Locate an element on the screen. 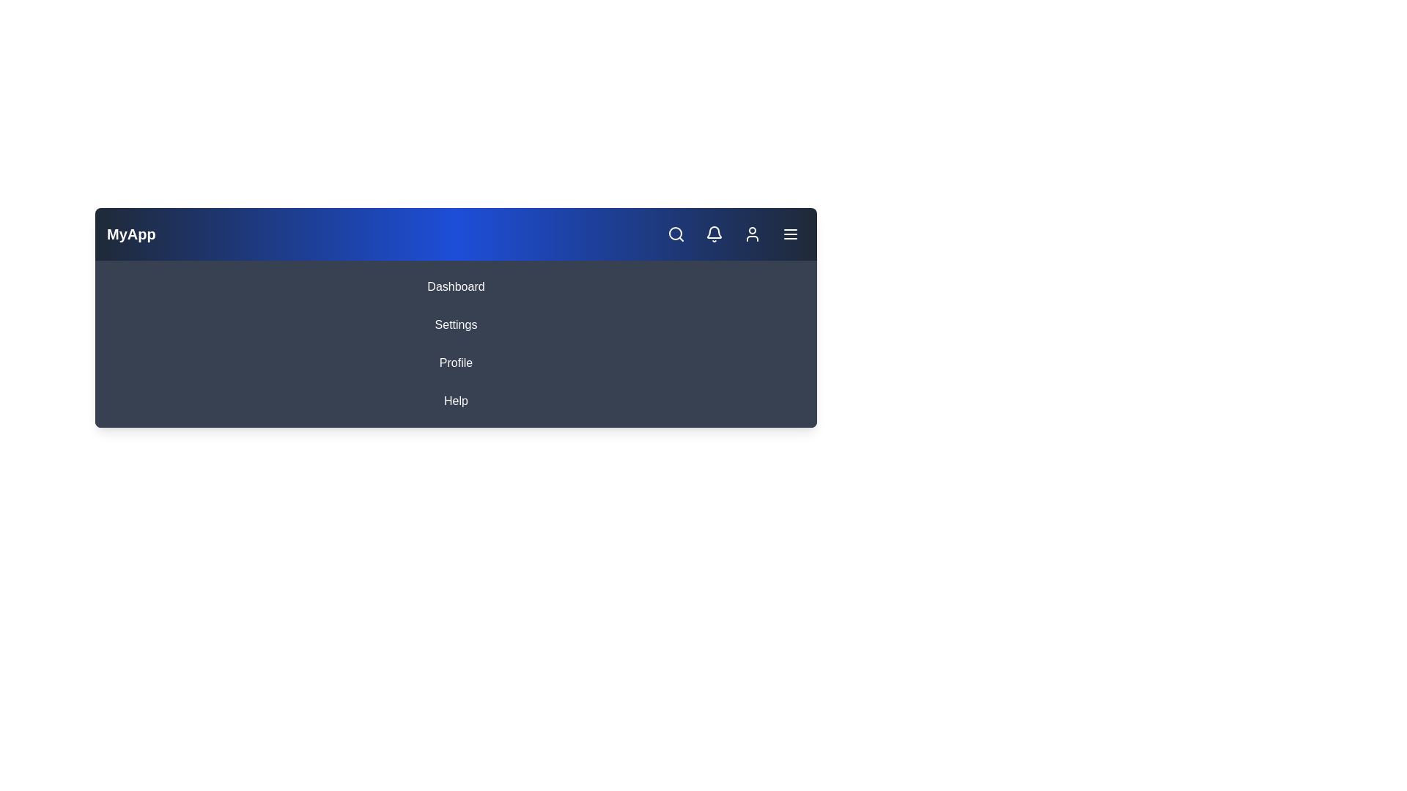 This screenshot has height=791, width=1407. the navigation item Profile in the menu is located at coordinates (455, 363).